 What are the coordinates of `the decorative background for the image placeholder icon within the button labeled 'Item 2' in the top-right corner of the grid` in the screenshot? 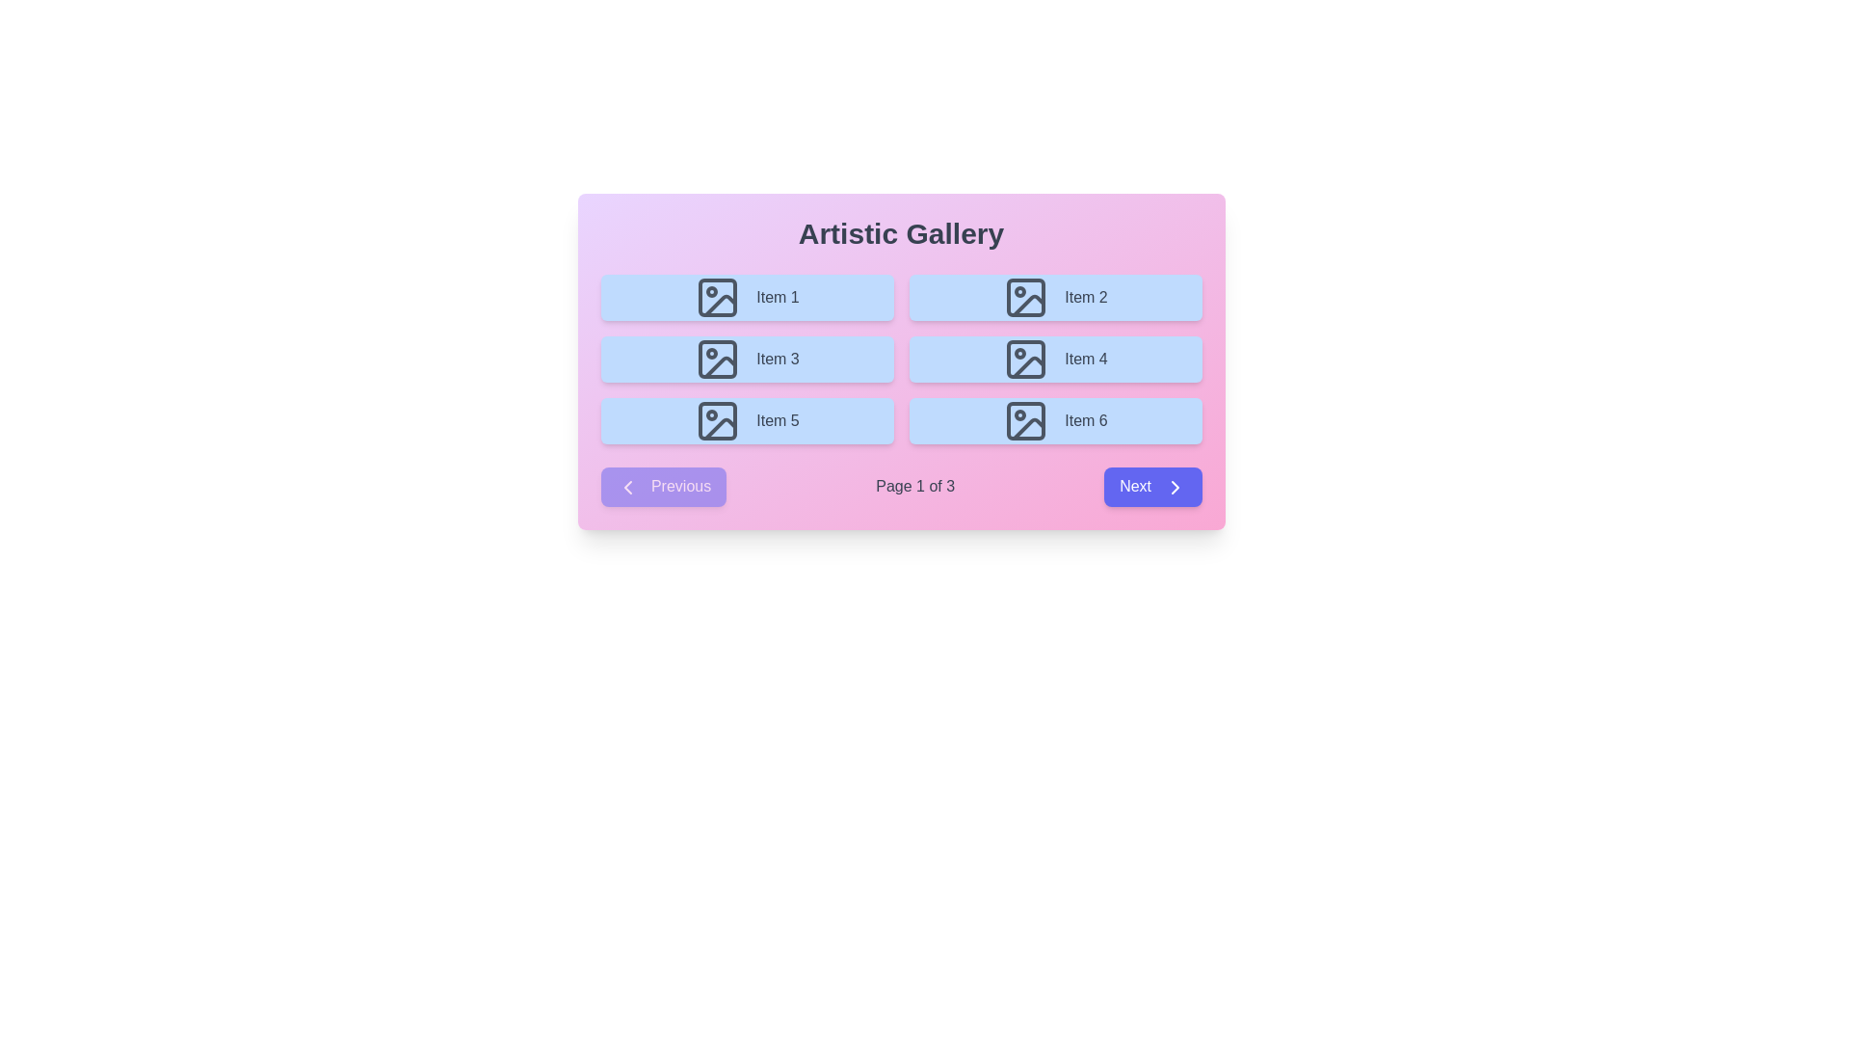 It's located at (1025, 297).